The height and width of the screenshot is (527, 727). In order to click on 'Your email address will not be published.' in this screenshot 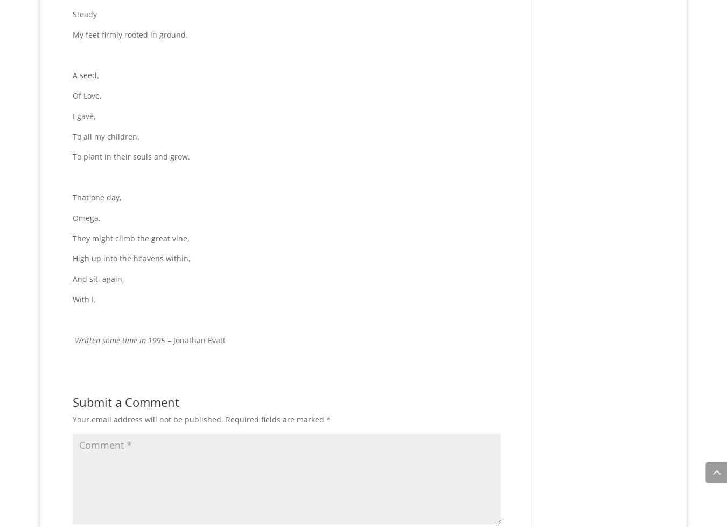, I will do `click(147, 419)`.